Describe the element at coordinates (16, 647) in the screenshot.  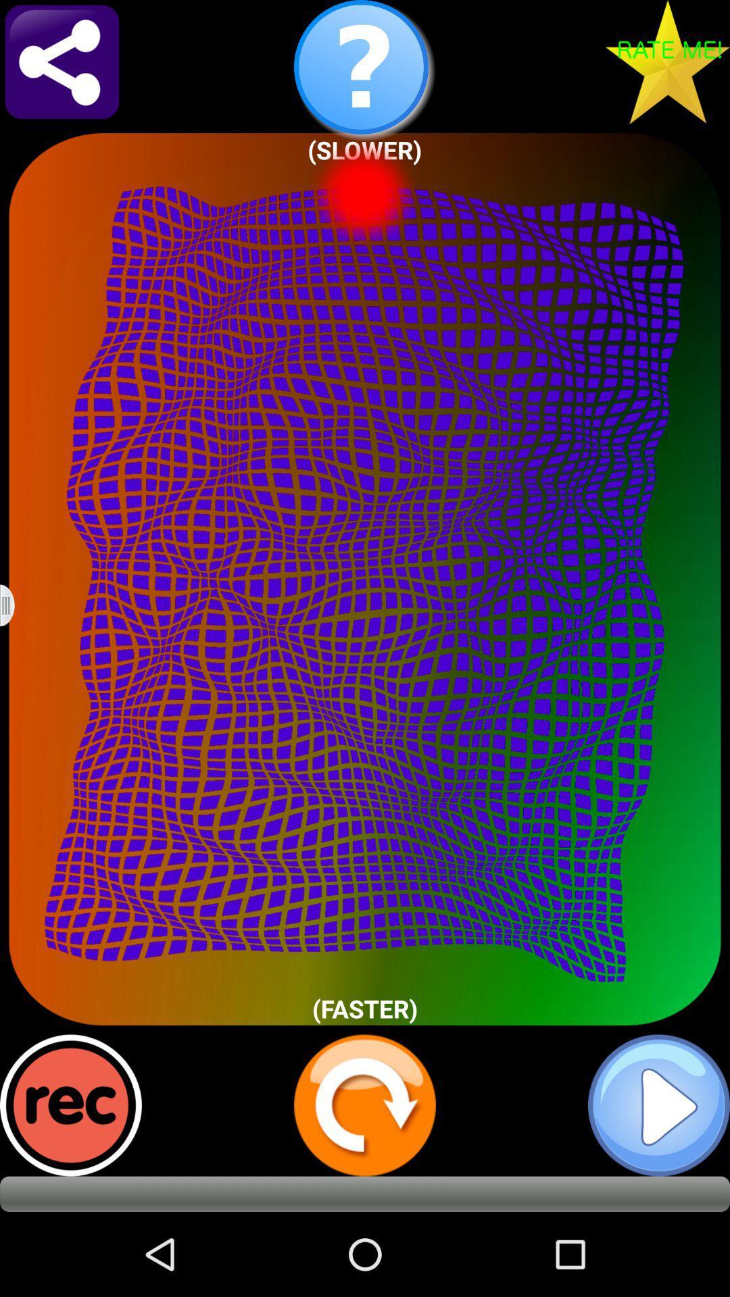
I see `the menu icon` at that location.